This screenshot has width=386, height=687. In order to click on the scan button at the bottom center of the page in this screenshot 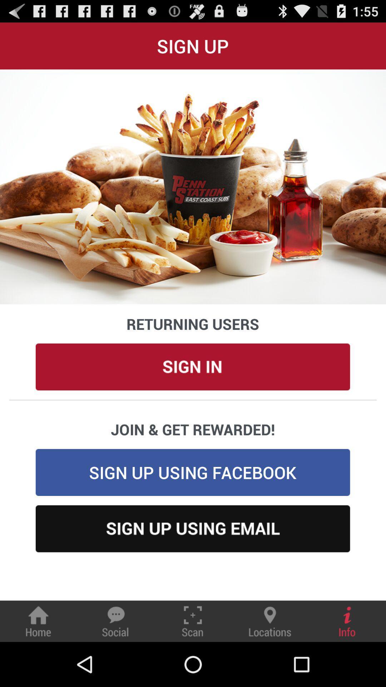, I will do `click(192, 621)`.